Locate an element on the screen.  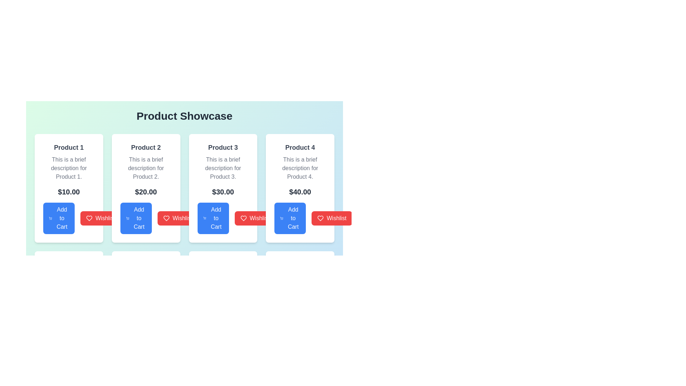
the 'Product 4' card, which features the title in bold, a price of '$40.00', and buttons for 'Add is located at coordinates (300, 188).